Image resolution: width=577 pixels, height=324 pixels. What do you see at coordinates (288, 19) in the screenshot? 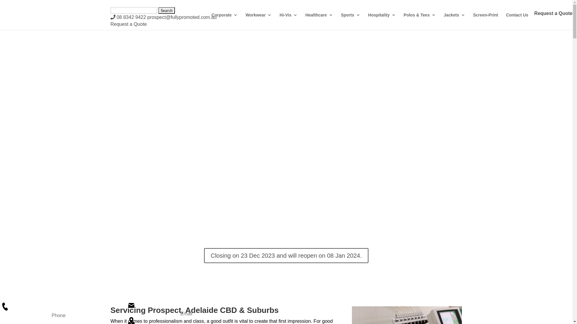
I see `'Hi-Vis'` at bounding box center [288, 19].